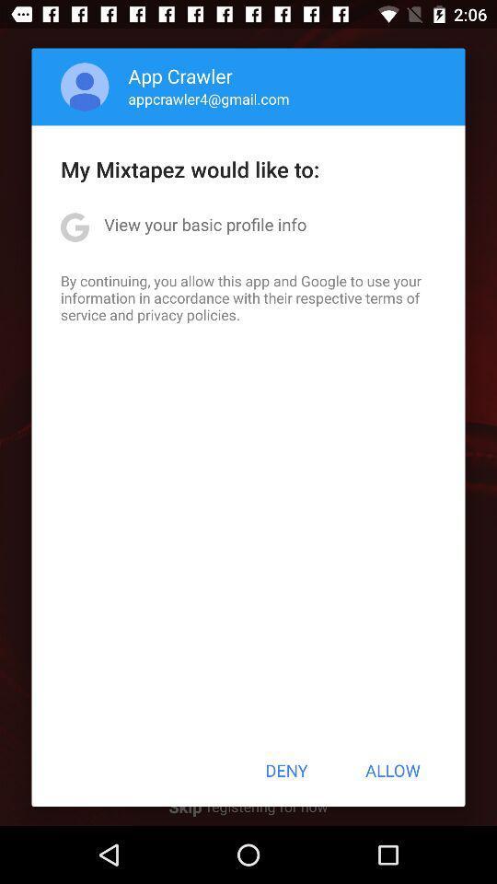 This screenshot has width=497, height=884. I want to click on view your basic item, so click(204, 223).